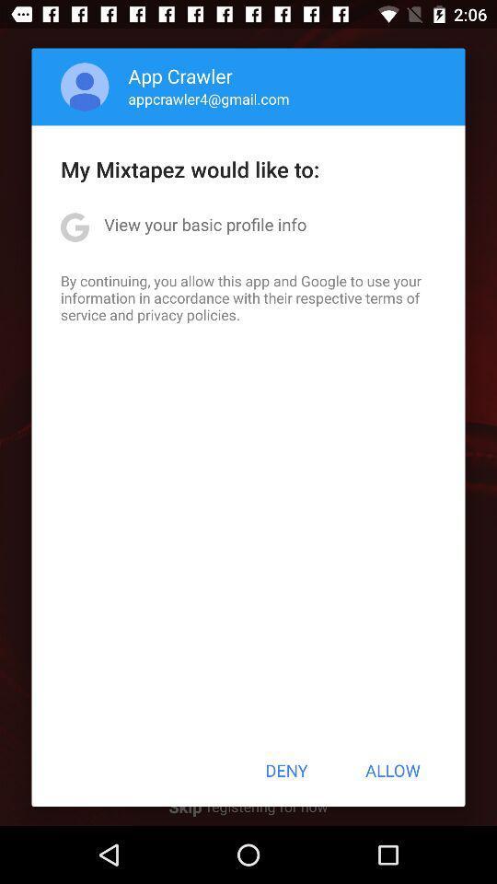 This screenshot has width=497, height=884. I want to click on view your basic item, so click(204, 223).